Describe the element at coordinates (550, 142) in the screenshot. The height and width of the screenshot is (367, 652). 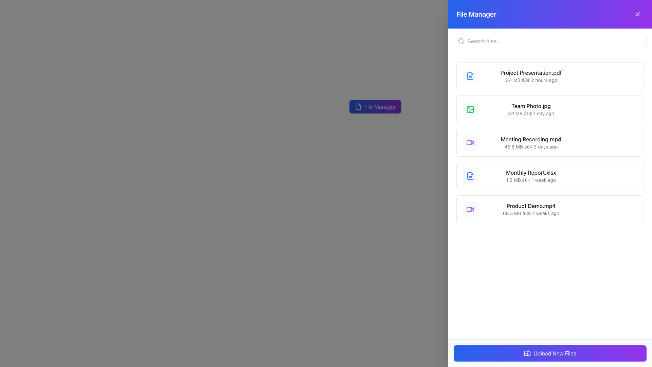
I see `the file entry representing 'Meeting Recording.mp4'` at that location.